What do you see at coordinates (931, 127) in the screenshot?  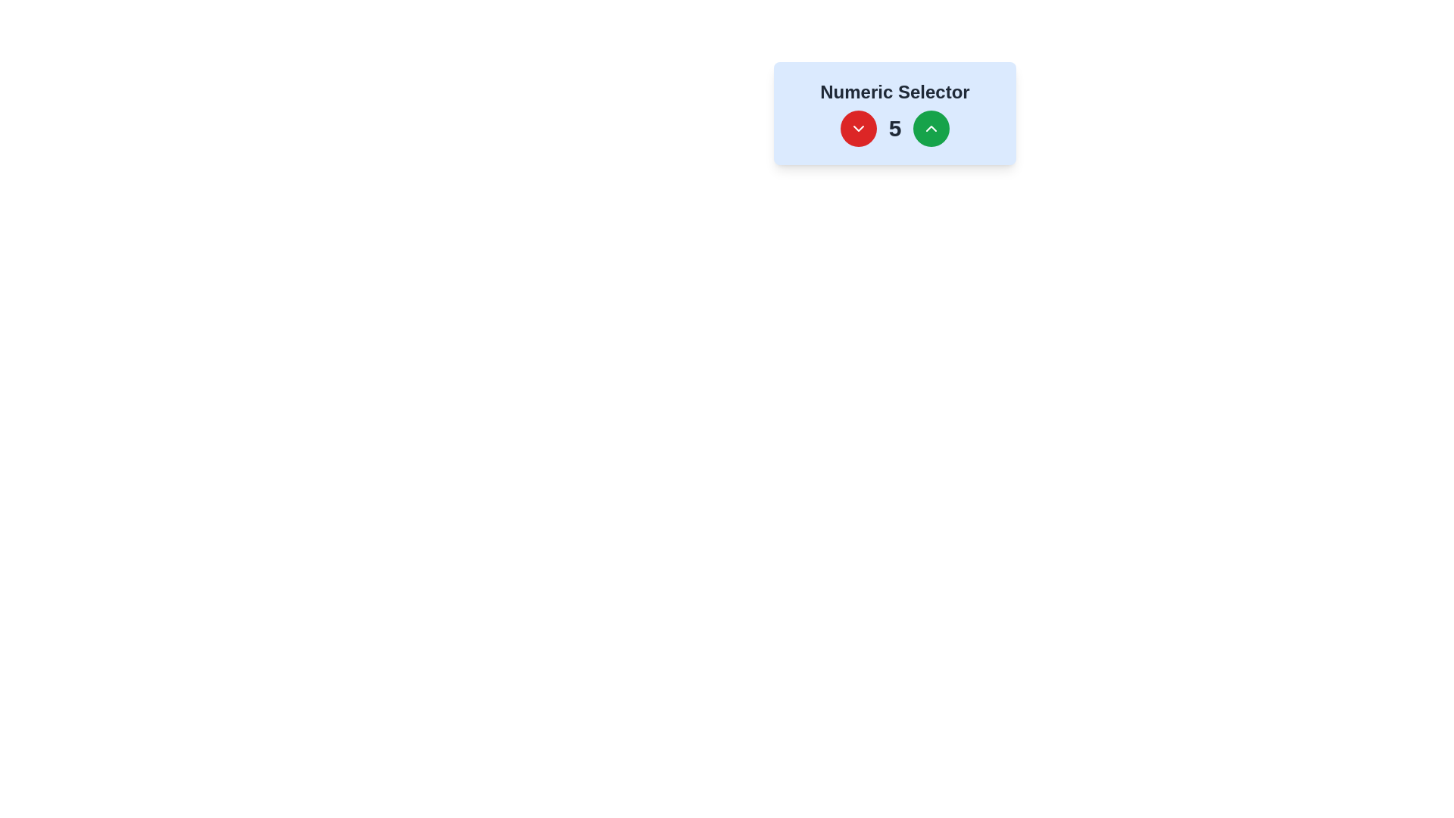 I see `the green circular button with an upward-pointing chevron located on the right side of the numeric selector interface` at bounding box center [931, 127].